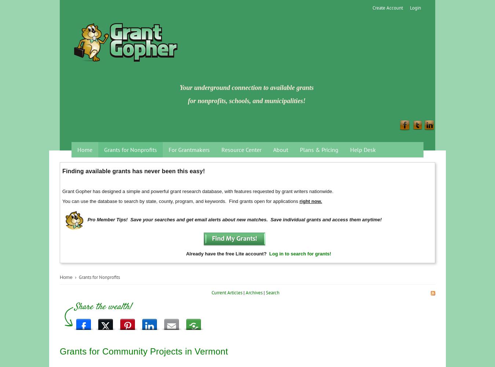 This screenshot has height=367, width=495. I want to click on 'Share the wealth!', so click(102, 306).